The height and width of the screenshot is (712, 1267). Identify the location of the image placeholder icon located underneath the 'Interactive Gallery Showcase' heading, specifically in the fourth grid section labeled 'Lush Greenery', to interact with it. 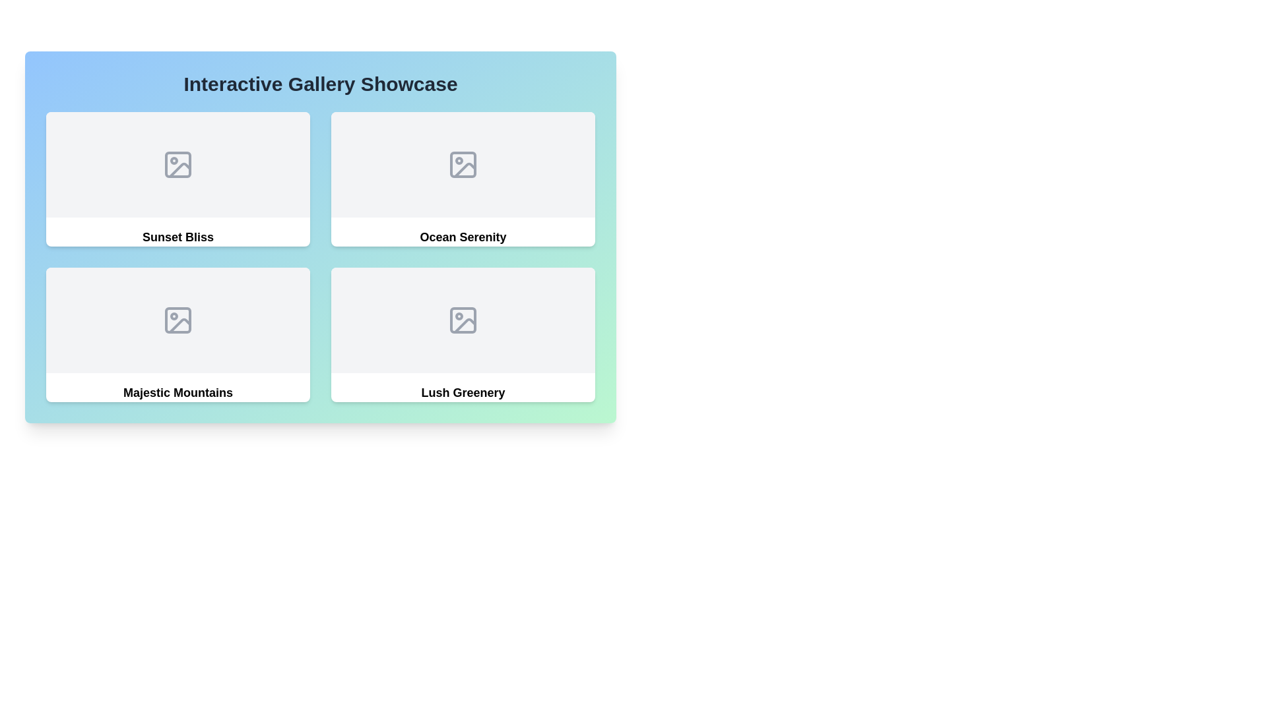
(463, 320).